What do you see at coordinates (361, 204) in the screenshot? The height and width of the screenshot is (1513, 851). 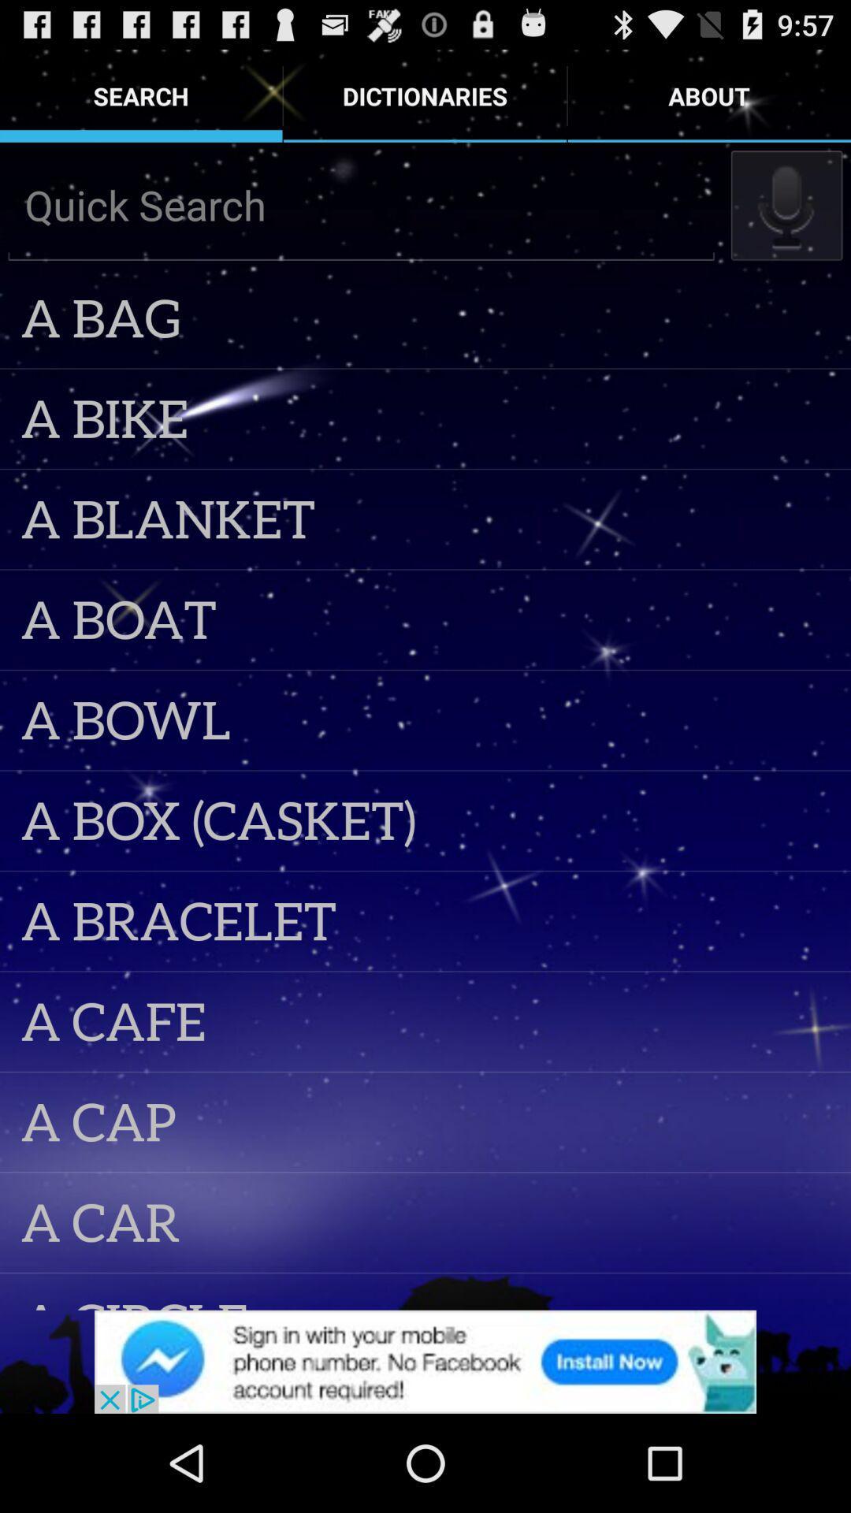 I see `quick search` at bounding box center [361, 204].